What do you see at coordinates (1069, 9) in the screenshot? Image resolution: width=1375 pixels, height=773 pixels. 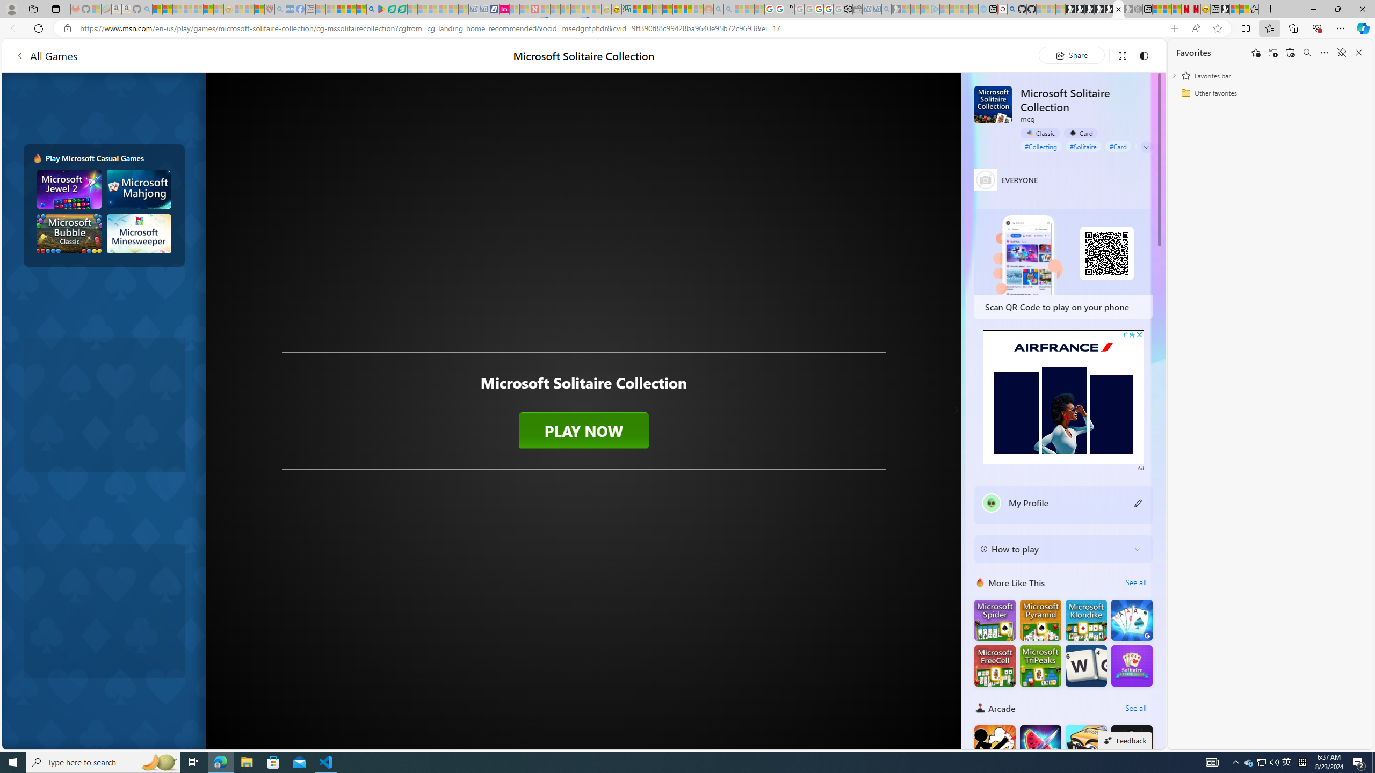 I see `'Play Free Online Games | Games from Microsoft Start'` at bounding box center [1069, 9].